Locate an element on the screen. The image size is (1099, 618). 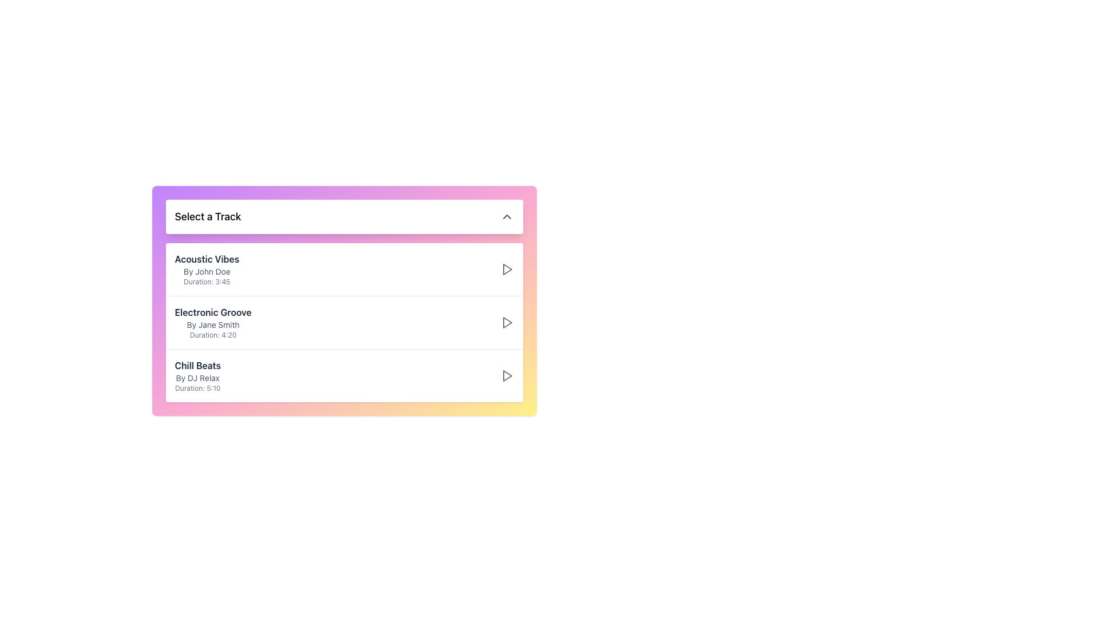
the play button icon, which is a triangular-shaped right-pointing symbol outlined with a dark border, located to the far right of the 'Electronic Groove' track entry is located at coordinates (507, 269).